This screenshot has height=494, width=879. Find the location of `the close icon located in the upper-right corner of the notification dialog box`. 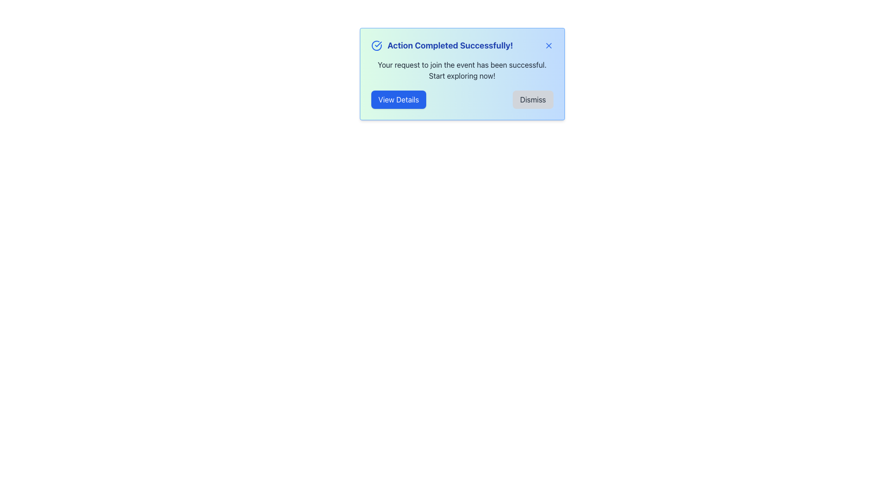

the close icon located in the upper-right corner of the notification dialog box is located at coordinates (548, 46).